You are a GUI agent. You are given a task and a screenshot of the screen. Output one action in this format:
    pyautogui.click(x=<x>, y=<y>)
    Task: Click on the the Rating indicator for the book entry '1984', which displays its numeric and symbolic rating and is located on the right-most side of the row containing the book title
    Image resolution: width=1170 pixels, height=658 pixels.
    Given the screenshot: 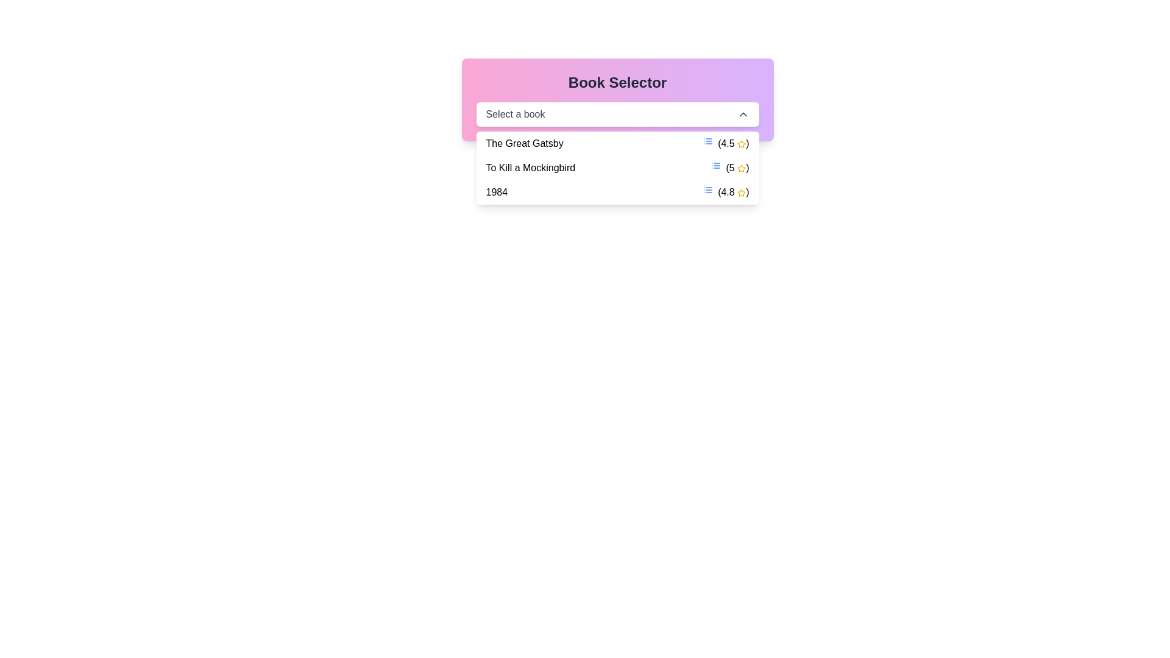 What is the action you would take?
    pyautogui.click(x=726, y=192)
    